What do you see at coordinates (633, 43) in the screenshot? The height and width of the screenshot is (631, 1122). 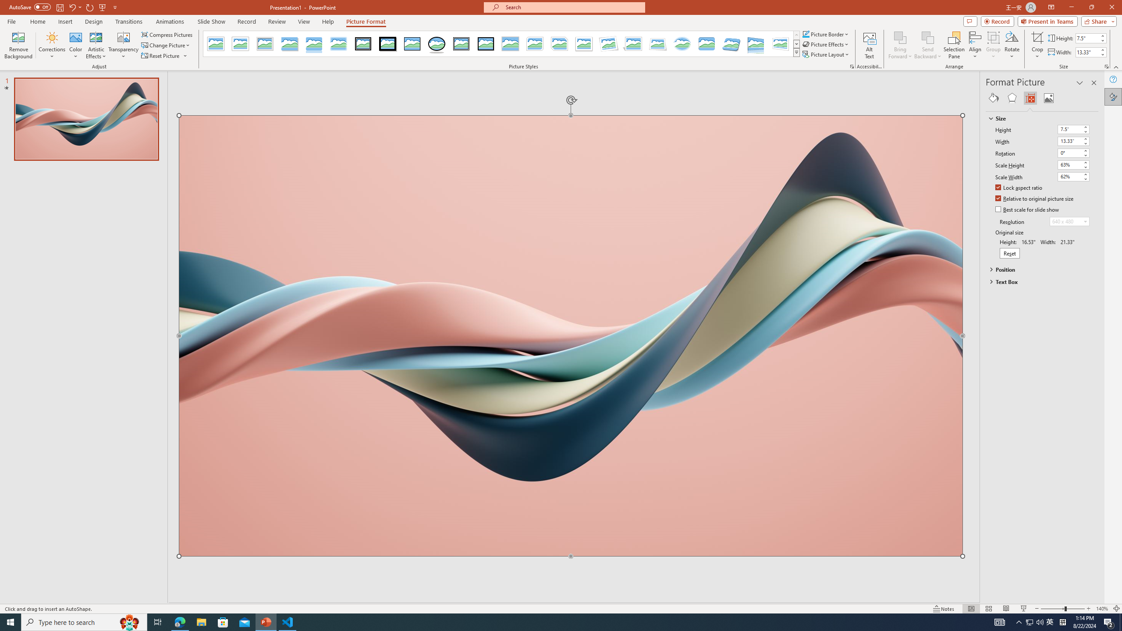 I see `'Perspective Shadow, White'` at bounding box center [633, 43].